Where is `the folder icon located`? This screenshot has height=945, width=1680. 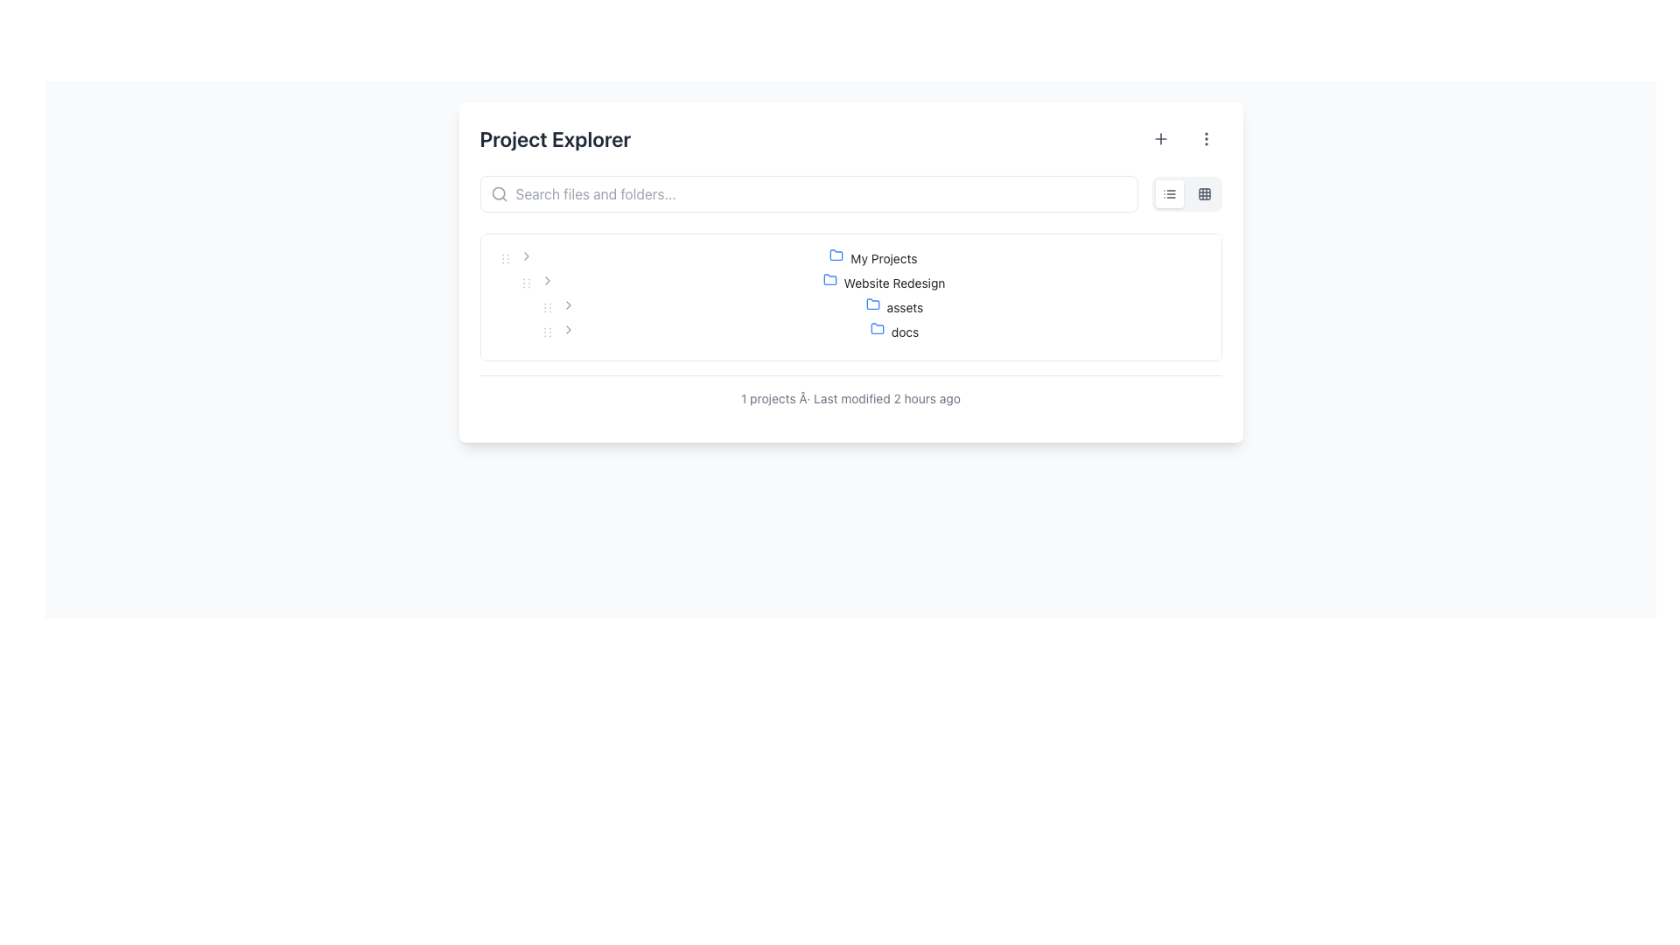 the folder icon located is located at coordinates (840, 259).